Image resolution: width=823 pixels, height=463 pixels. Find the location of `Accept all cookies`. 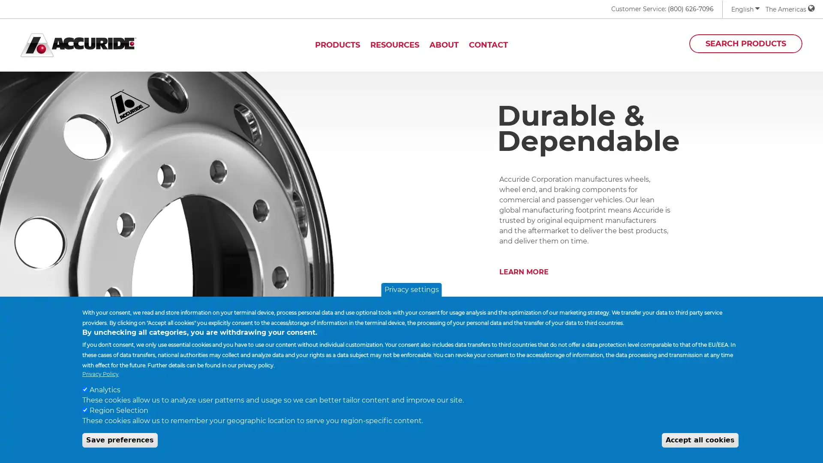

Accept all cookies is located at coordinates (700, 440).